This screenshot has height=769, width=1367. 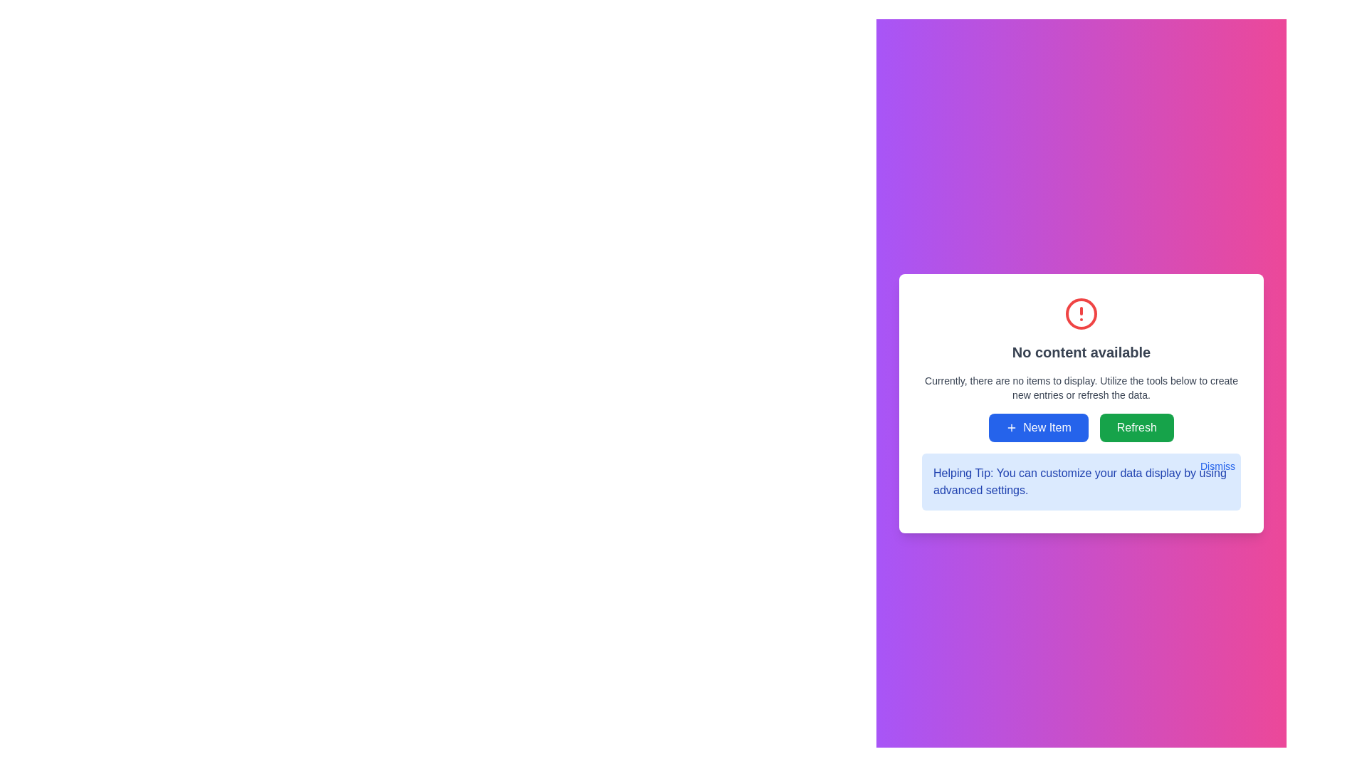 What do you see at coordinates (1039, 427) in the screenshot?
I see `the blue 'New Item' button, which features a white '+' icon and white text, to trigger hover effects` at bounding box center [1039, 427].